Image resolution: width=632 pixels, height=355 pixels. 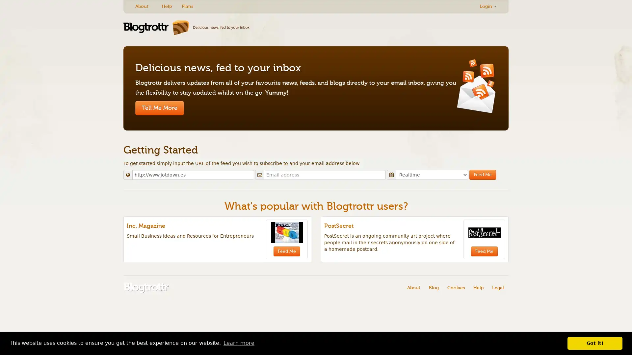 What do you see at coordinates (238, 343) in the screenshot?
I see `learn more about cookies` at bounding box center [238, 343].